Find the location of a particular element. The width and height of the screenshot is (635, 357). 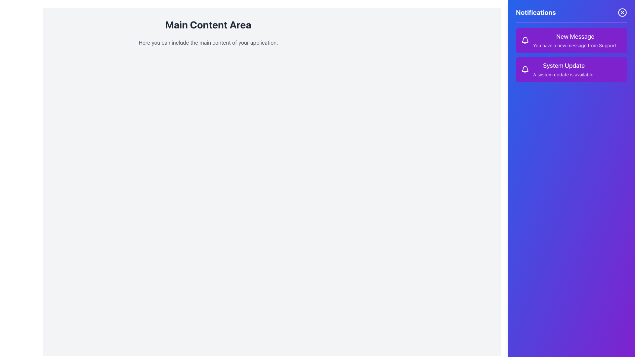

the bell icon located within the notification card at the top right of the notification panel, which serves as the visual indicator for 'New Message' notifications is located at coordinates (525, 41).